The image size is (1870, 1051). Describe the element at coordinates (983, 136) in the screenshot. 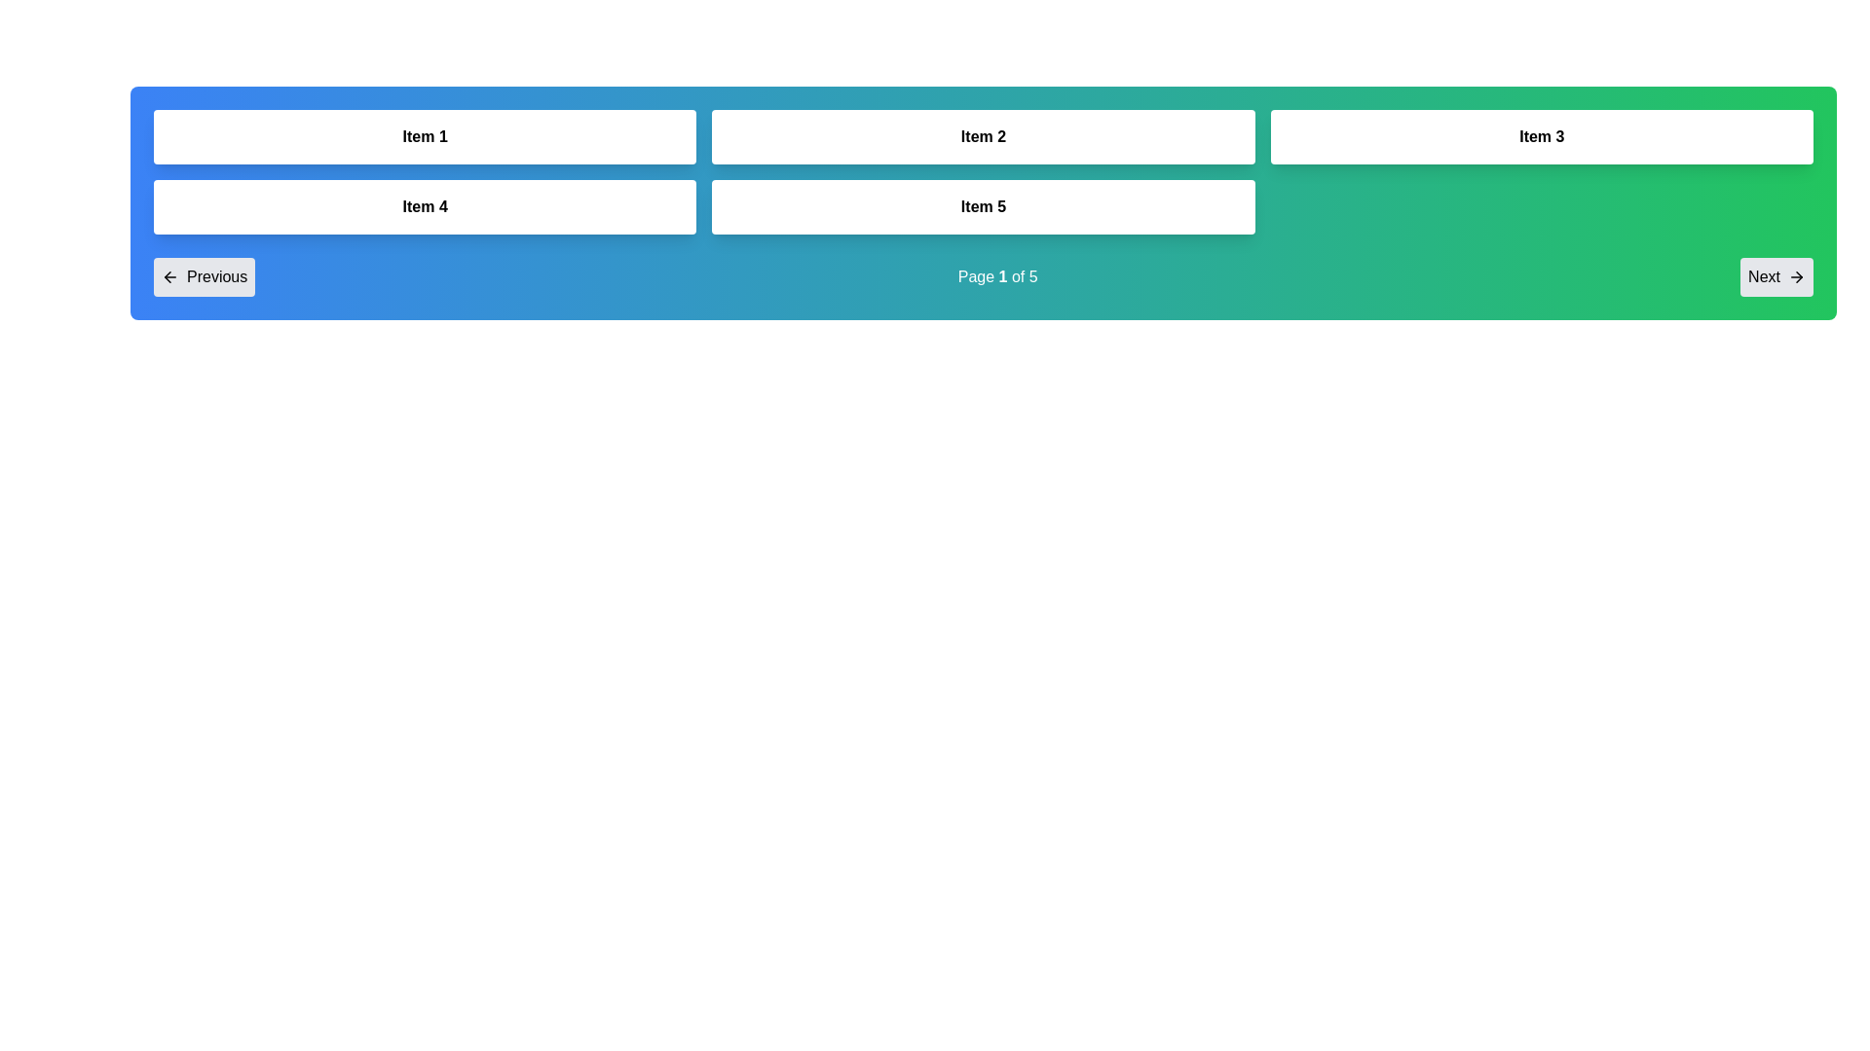

I see `the grid item labeled 'Item 2' which is located in the second column of the first row within a grid layout` at that location.